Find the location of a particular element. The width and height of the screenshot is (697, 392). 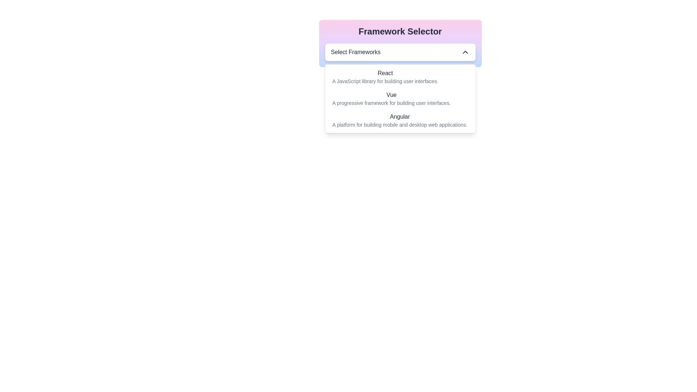

the 'React' text label in the dropdown menu under the 'Framework Selector' heading is located at coordinates (385, 73).